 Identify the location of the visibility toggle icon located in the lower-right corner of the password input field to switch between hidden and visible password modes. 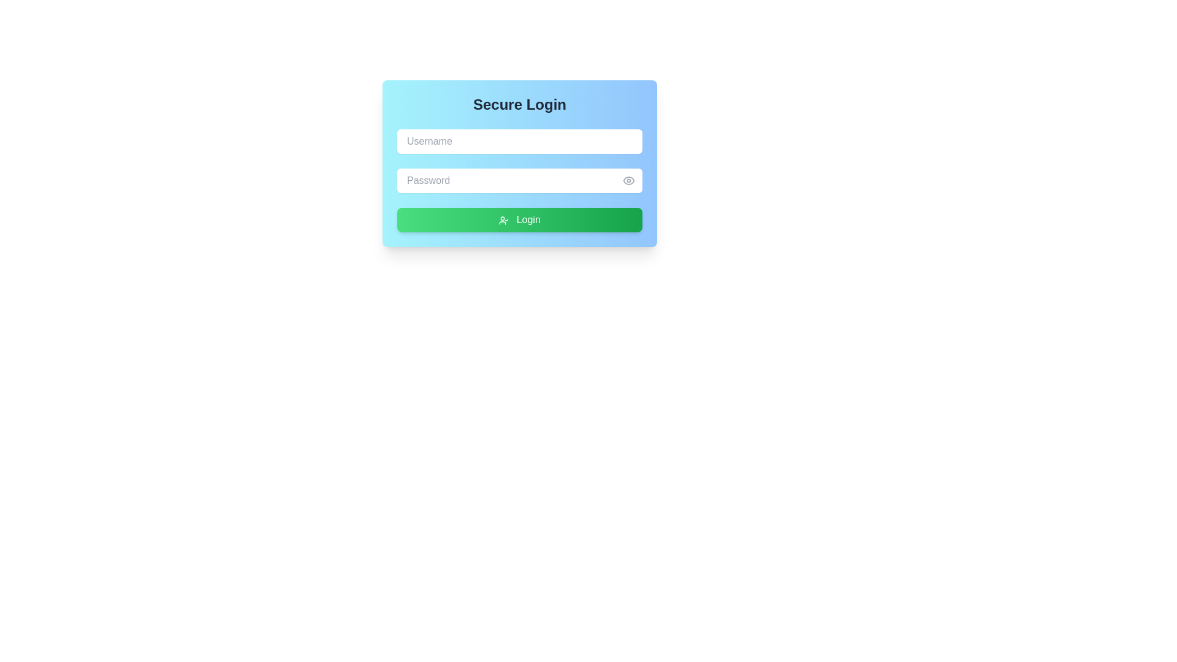
(629, 180).